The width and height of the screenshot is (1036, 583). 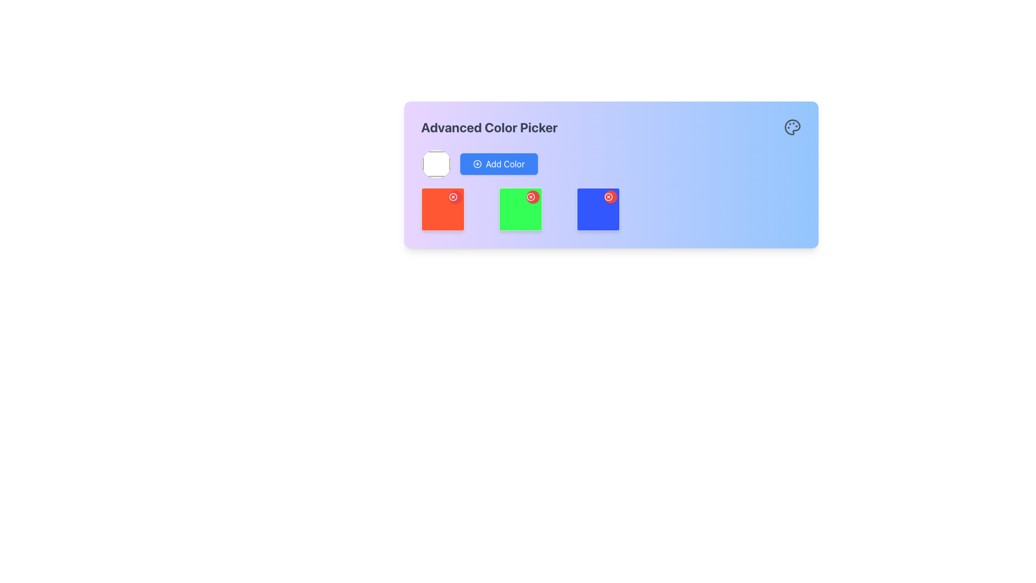 What do you see at coordinates (792, 126) in the screenshot?
I see `the palette-shaped icon located in the top-right corner of the 'Advanced Color Picker' panel` at bounding box center [792, 126].